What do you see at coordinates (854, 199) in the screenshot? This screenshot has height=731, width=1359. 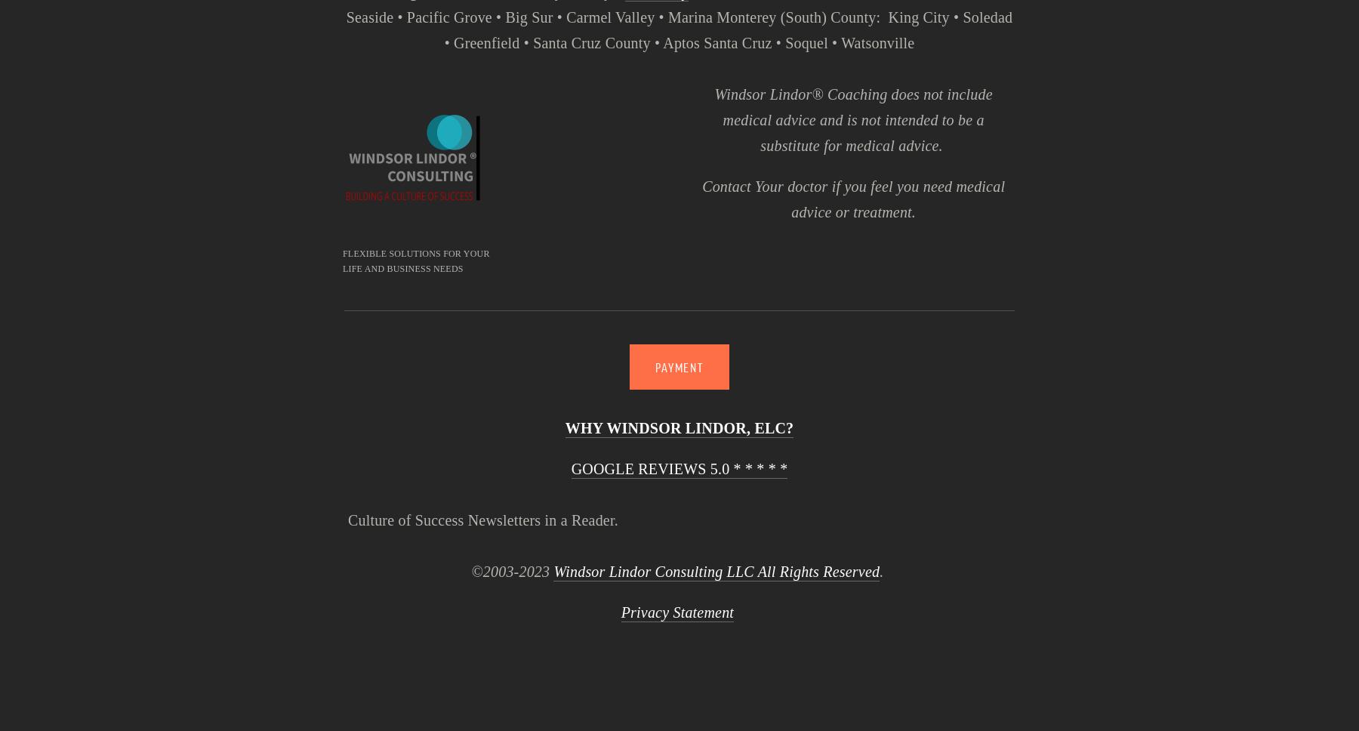 I see `'Contact Your doctor if you feel you need medical advice or treatment.'` at bounding box center [854, 199].